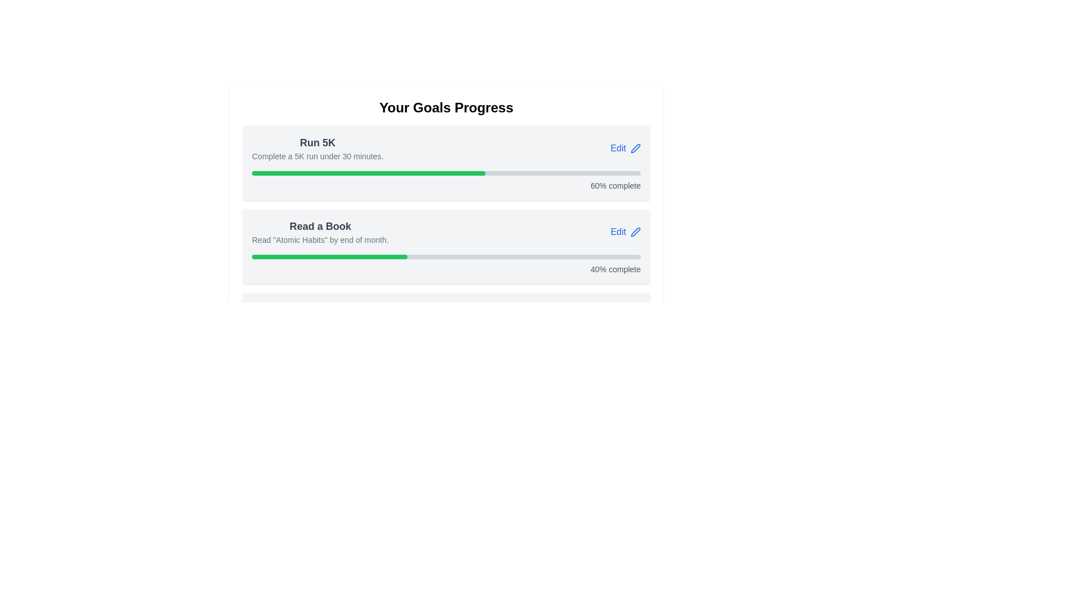 The height and width of the screenshot is (610, 1085). I want to click on the visual progress of the green progress bar located under the 'Run 5K' goal section, which indicates 60% completion, so click(446, 173).